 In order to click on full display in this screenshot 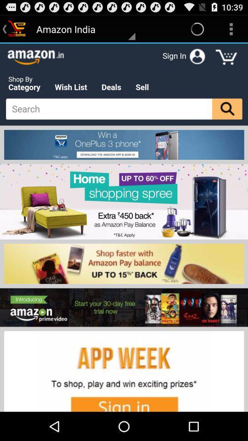, I will do `click(124, 227)`.